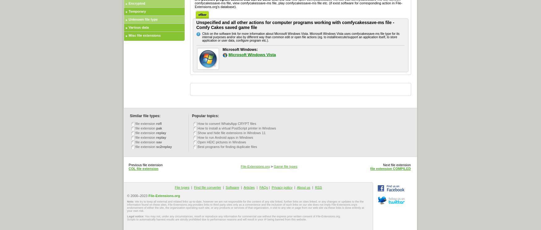 Image resolution: width=541 pixels, height=230 pixels. I want to click on 'Articles', so click(249, 187).